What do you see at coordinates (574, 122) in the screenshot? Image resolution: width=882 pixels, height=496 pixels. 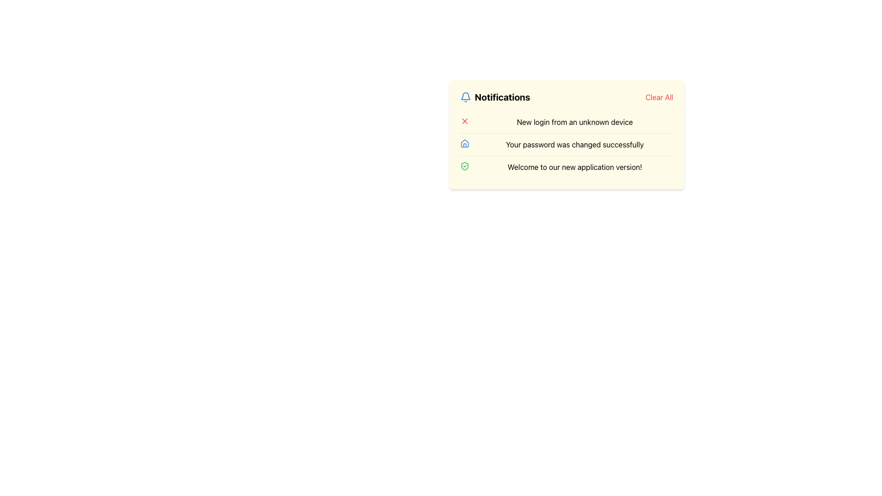 I see `the notification text that informs the user about a security-related event regarding a new login from an unrecognized device` at bounding box center [574, 122].